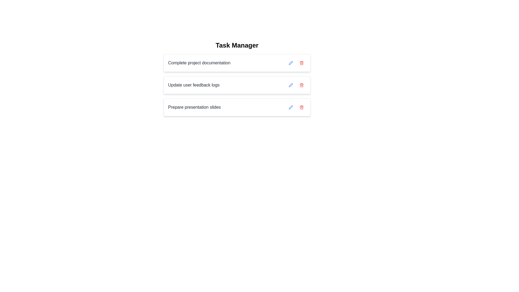  Describe the element at coordinates (301, 85) in the screenshot. I see `the circular delete button with a red border next to the 'Update user feedback logs' text` at that location.